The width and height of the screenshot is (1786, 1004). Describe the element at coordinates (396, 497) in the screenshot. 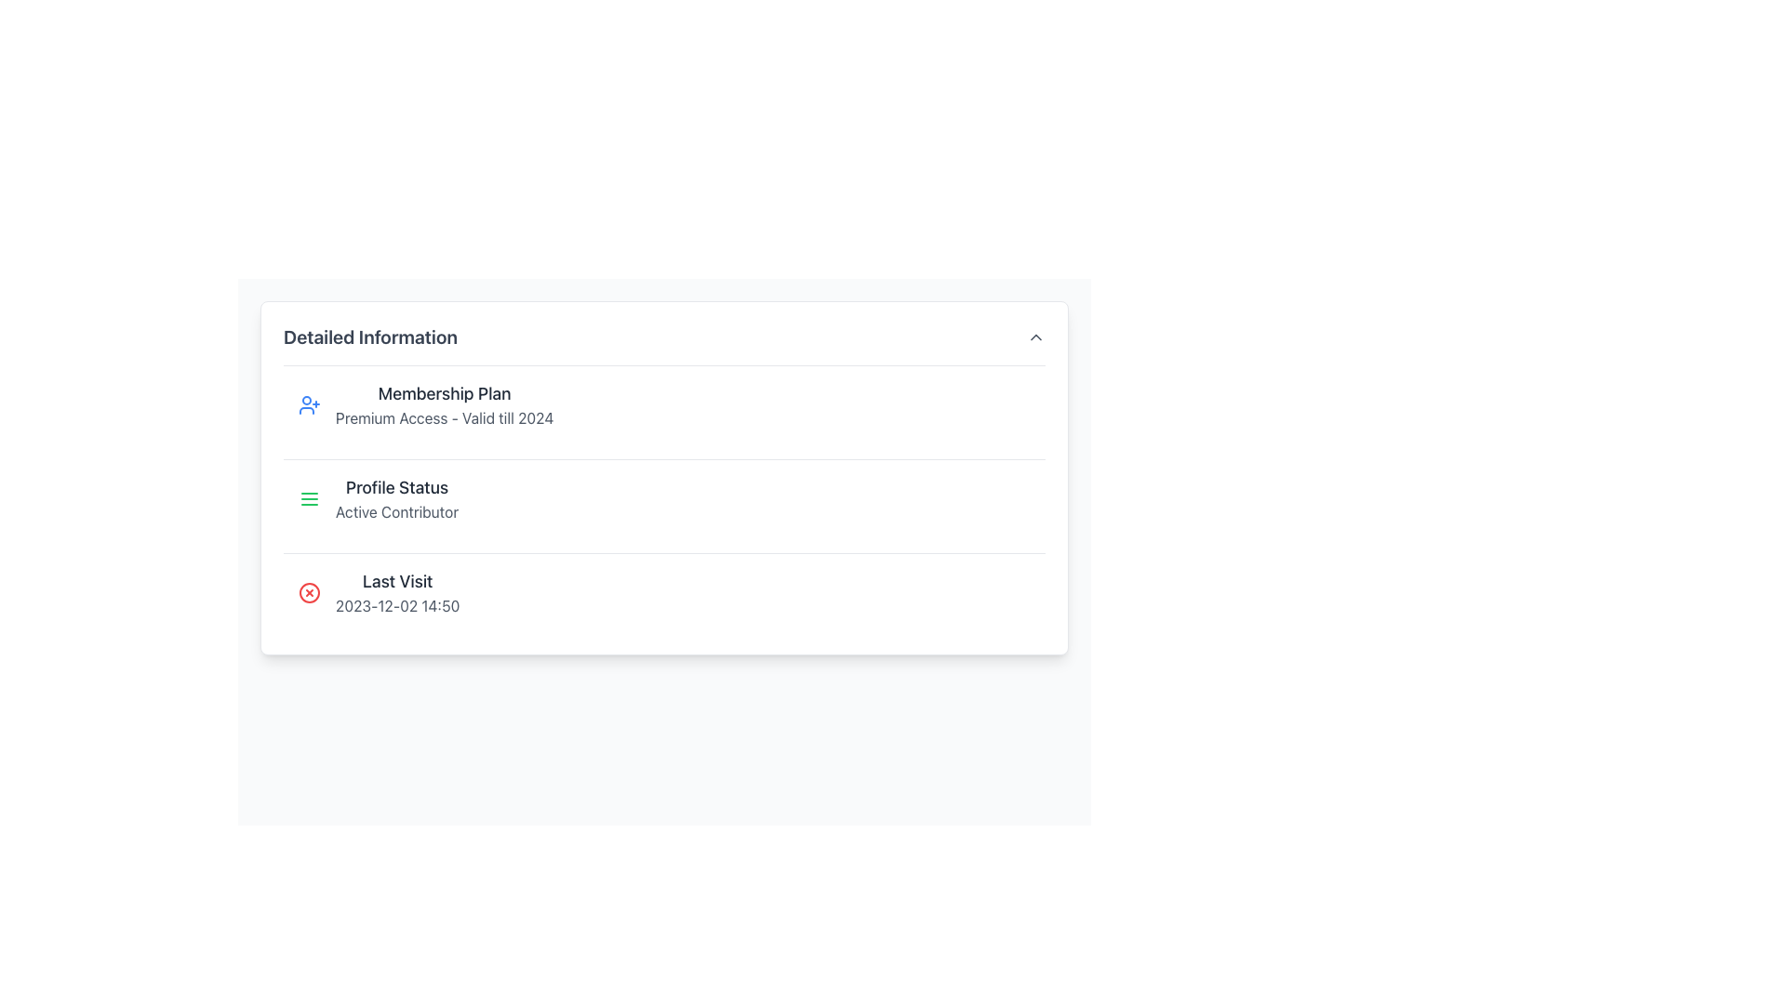

I see `the text label displaying the current profile status of the user, located in the middle row of the detailed information card` at that location.